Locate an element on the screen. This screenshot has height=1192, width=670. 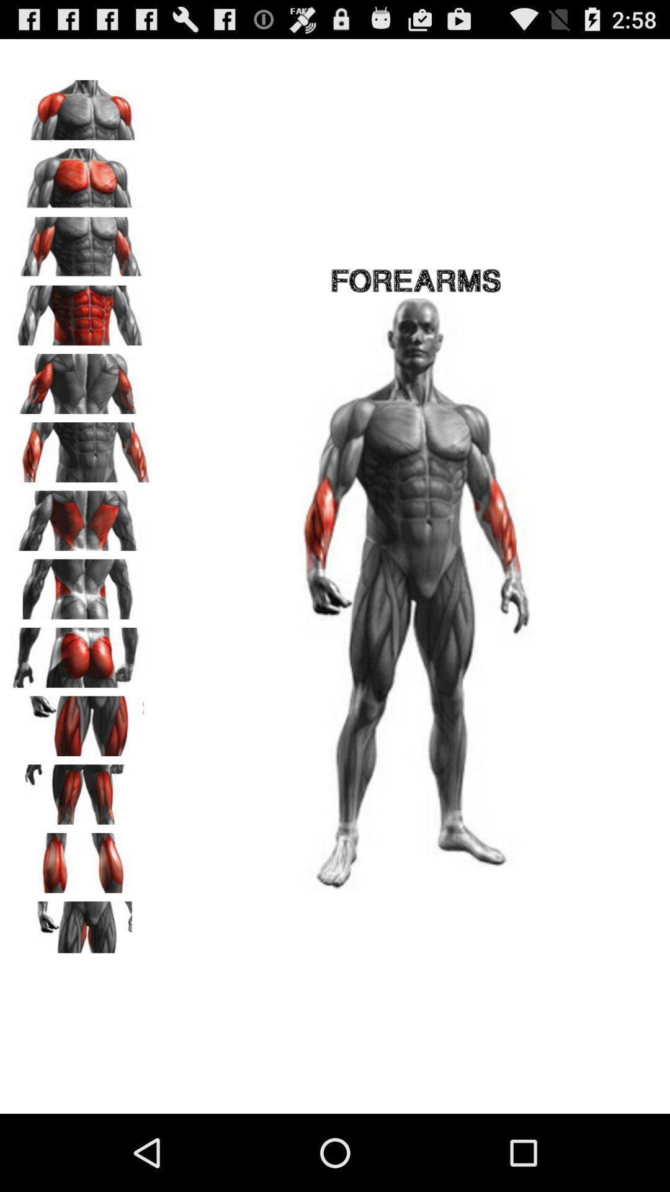
muscle region is located at coordinates (81, 927).